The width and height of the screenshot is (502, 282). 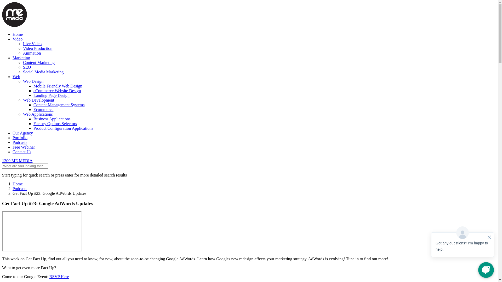 I want to click on 'Live Video', so click(x=32, y=43).